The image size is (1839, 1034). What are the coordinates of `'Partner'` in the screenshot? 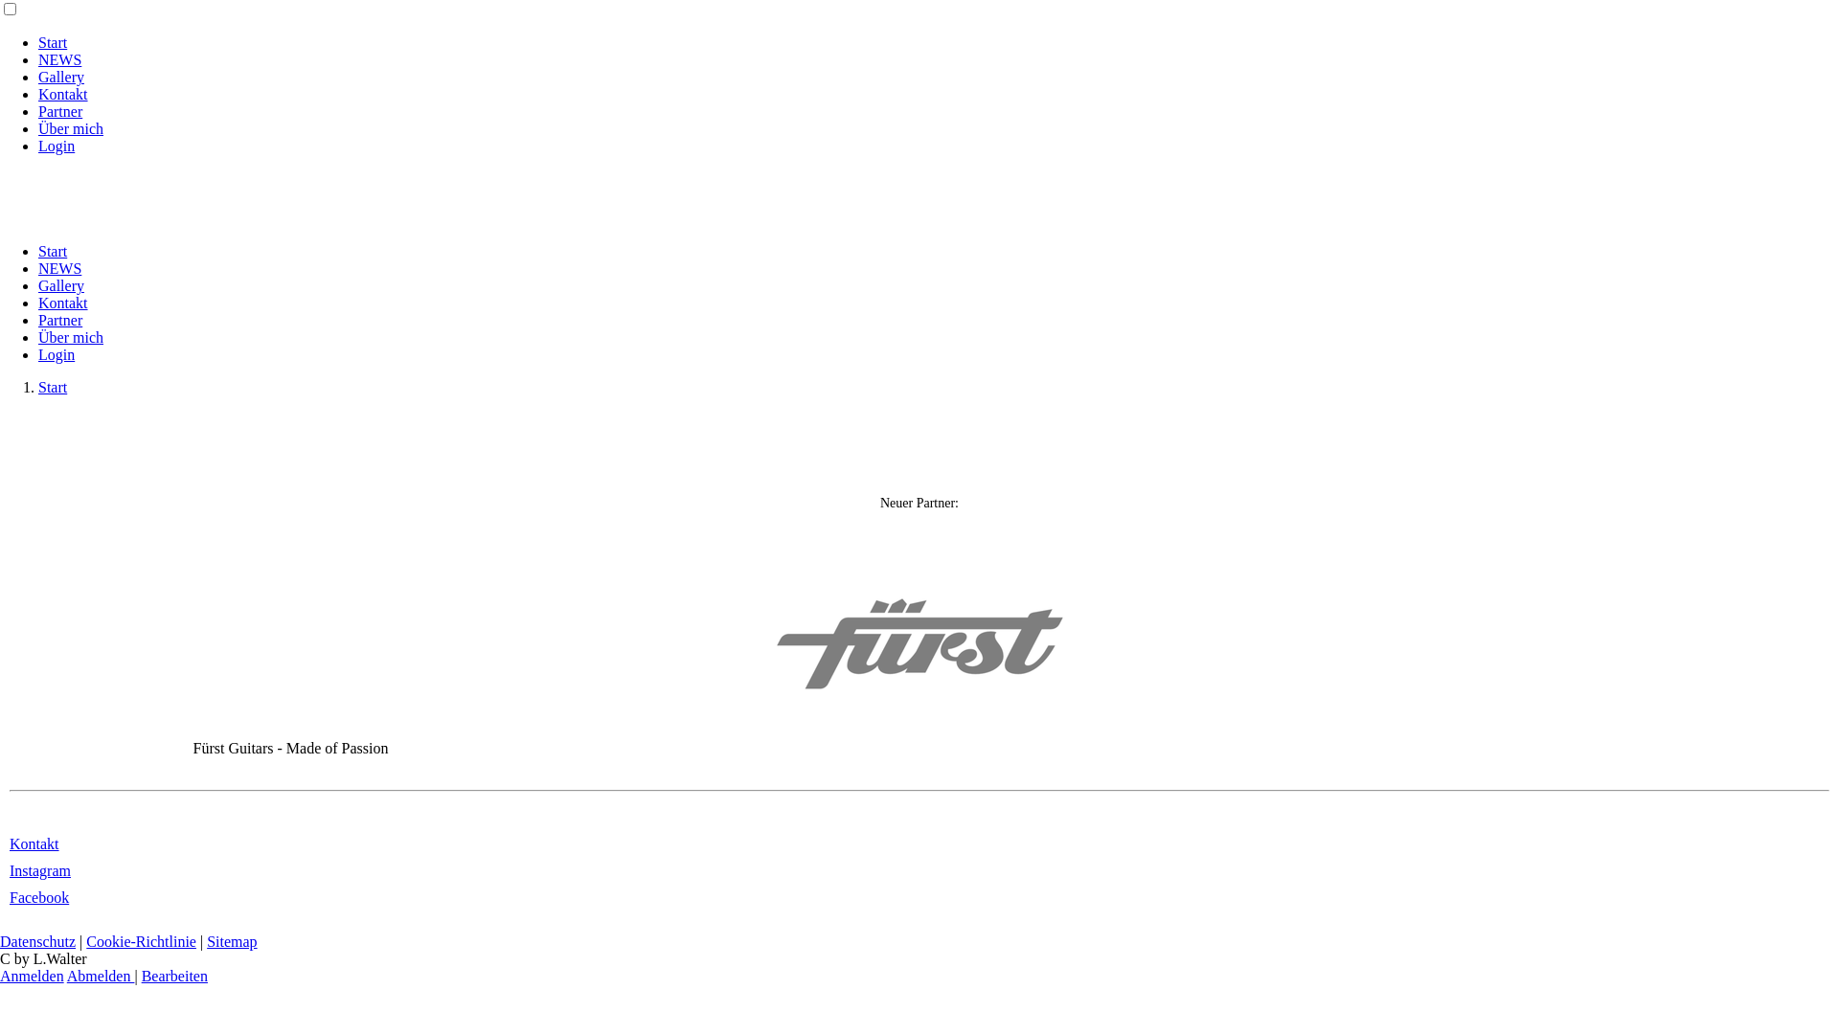 It's located at (59, 319).